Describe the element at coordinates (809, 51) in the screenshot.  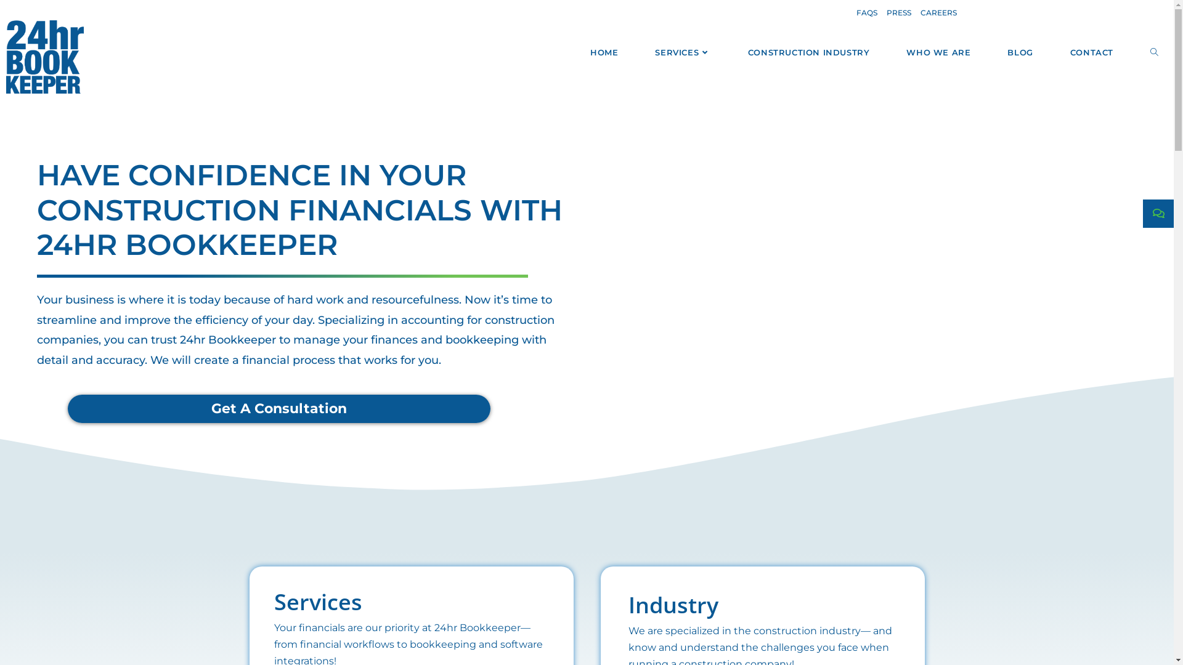
I see `'CONSTRUCTION INDUSTRY'` at that location.